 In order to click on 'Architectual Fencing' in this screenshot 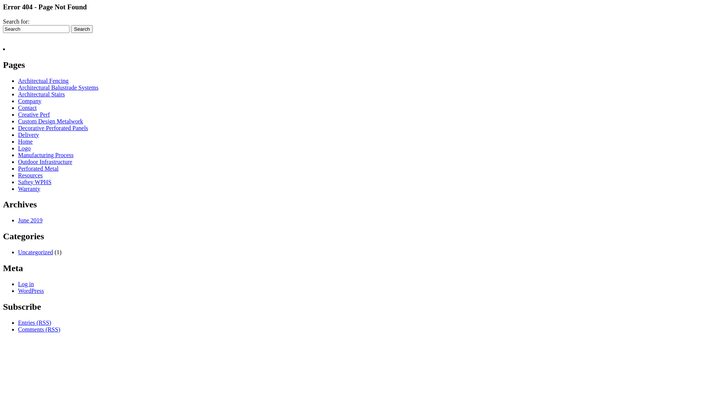, I will do `click(43, 81)`.